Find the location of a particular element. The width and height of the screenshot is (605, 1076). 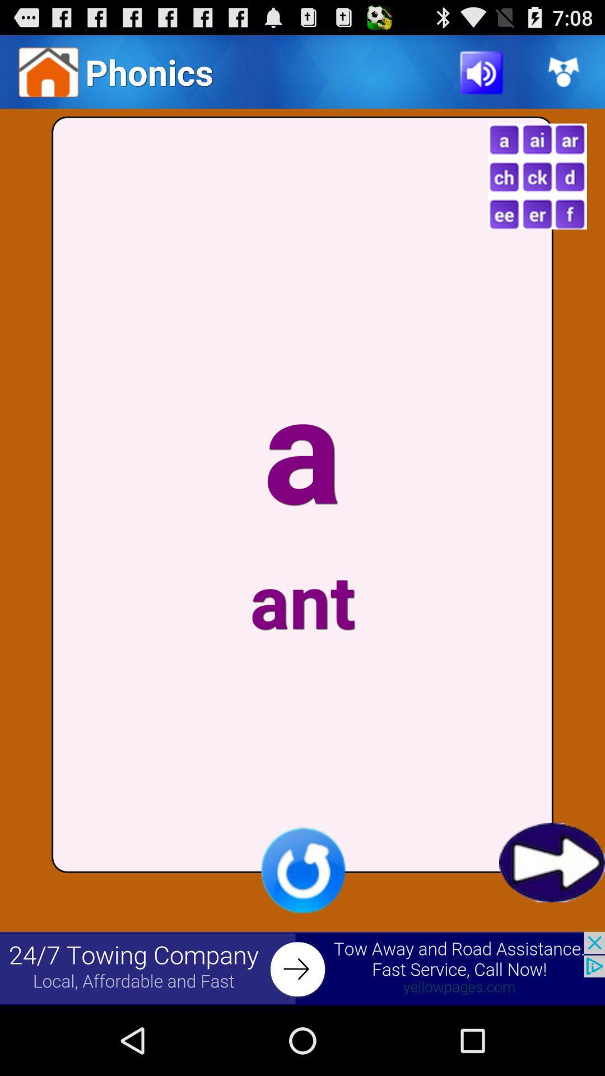

forward page is located at coordinates (551, 862).